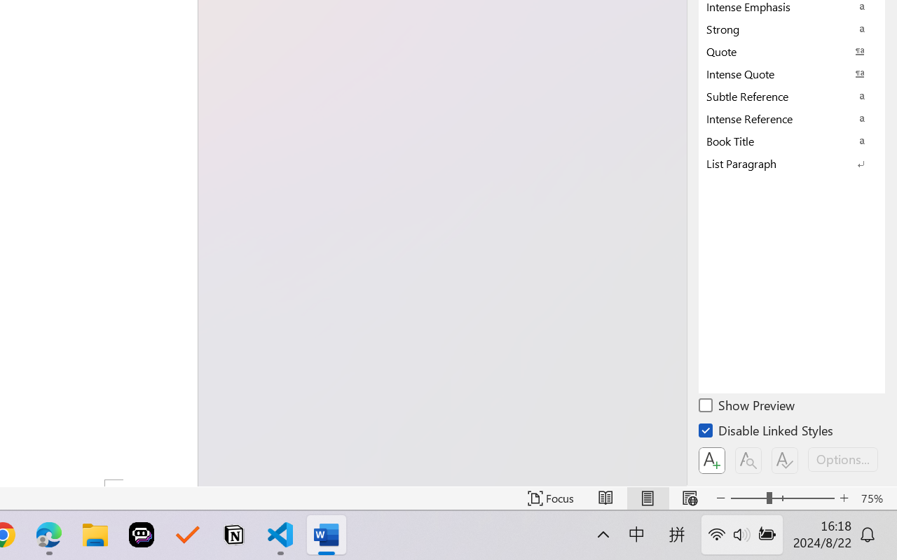 Image resolution: width=897 pixels, height=560 pixels. What do you see at coordinates (792, 118) in the screenshot?
I see `'Intense Reference'` at bounding box center [792, 118].